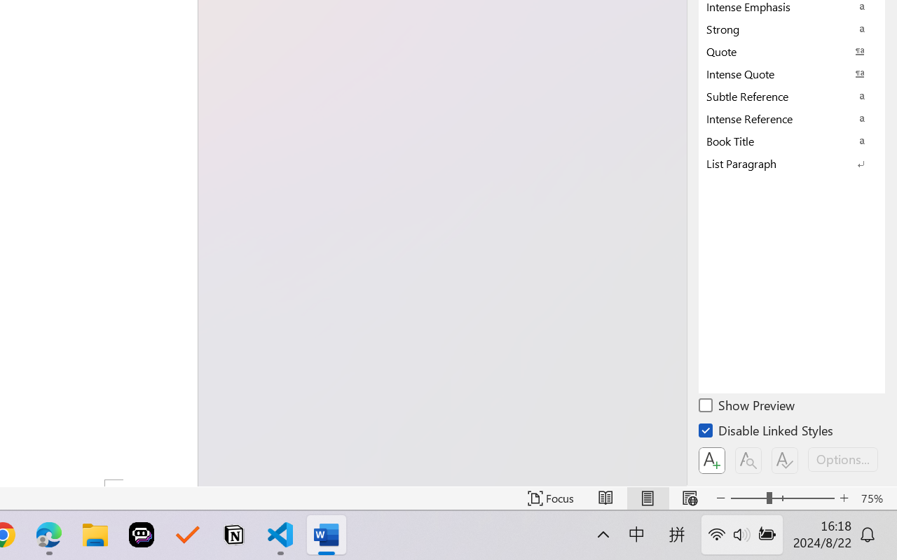 Image resolution: width=897 pixels, height=560 pixels. What do you see at coordinates (792, 118) in the screenshot?
I see `'Intense Reference'` at bounding box center [792, 118].